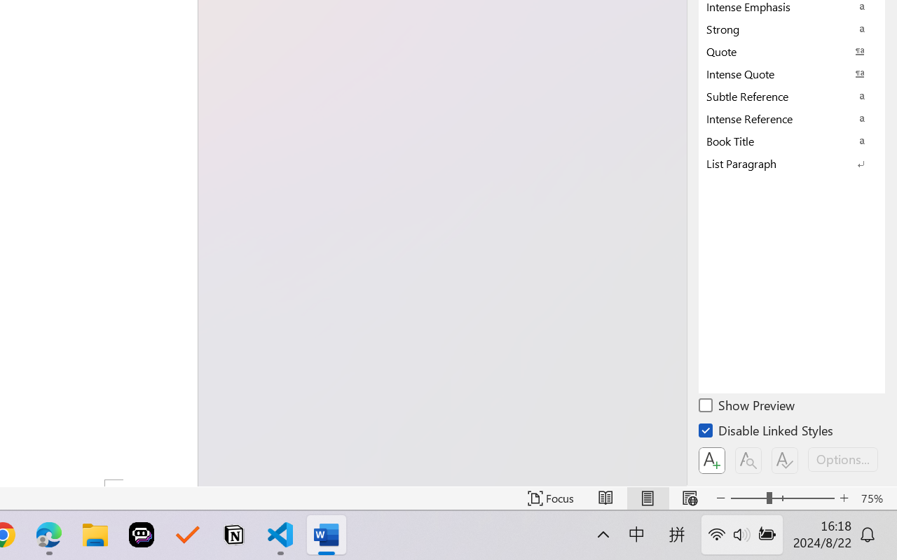 Image resolution: width=897 pixels, height=560 pixels. What do you see at coordinates (792, 118) in the screenshot?
I see `'Intense Reference'` at bounding box center [792, 118].